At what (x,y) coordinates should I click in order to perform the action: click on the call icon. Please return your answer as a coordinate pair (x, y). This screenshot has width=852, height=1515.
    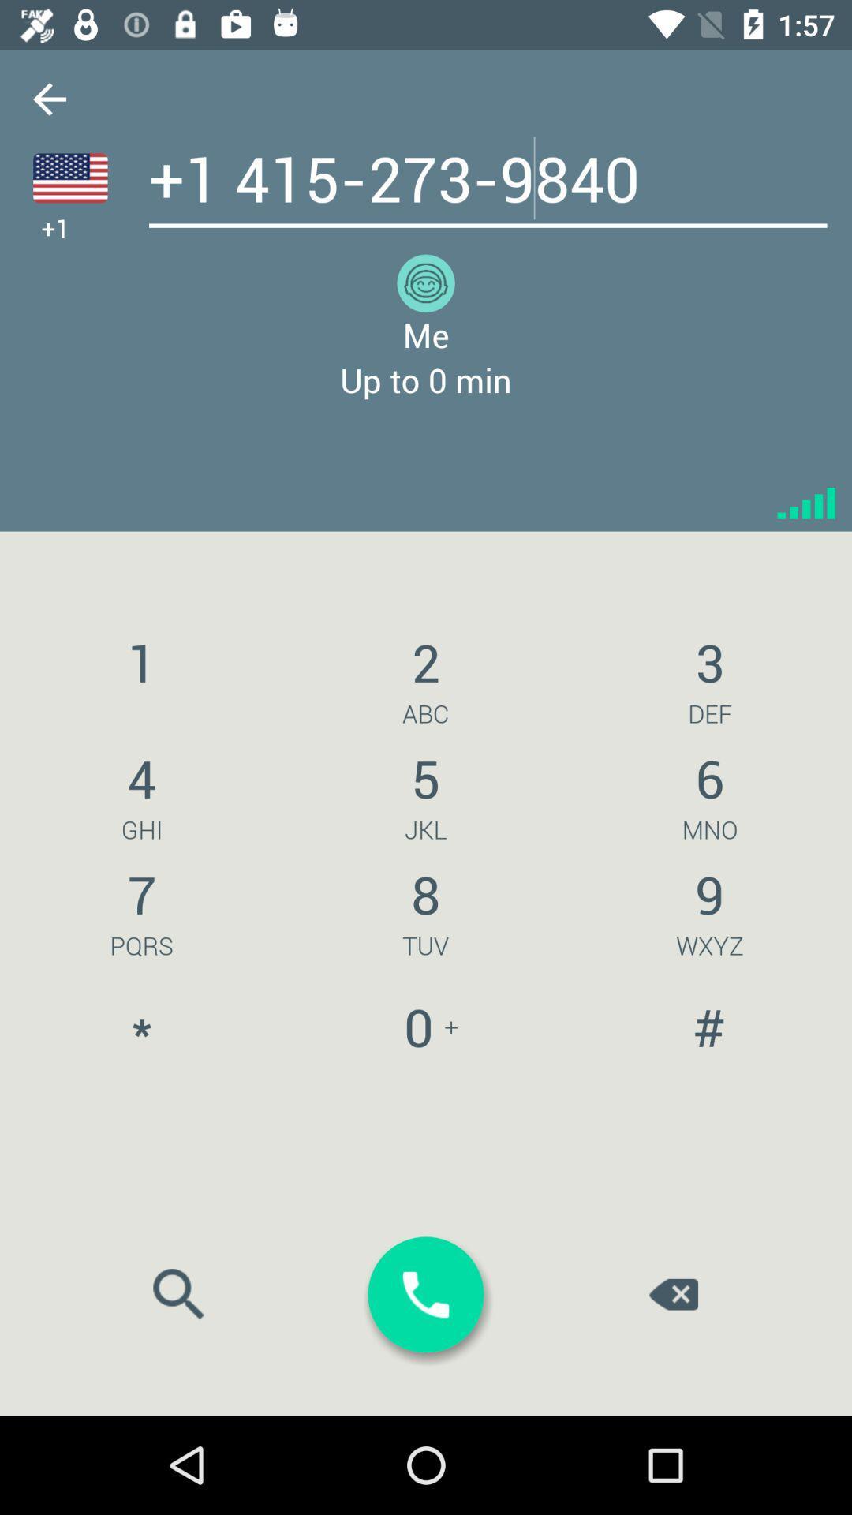
    Looking at the image, I should click on (426, 1295).